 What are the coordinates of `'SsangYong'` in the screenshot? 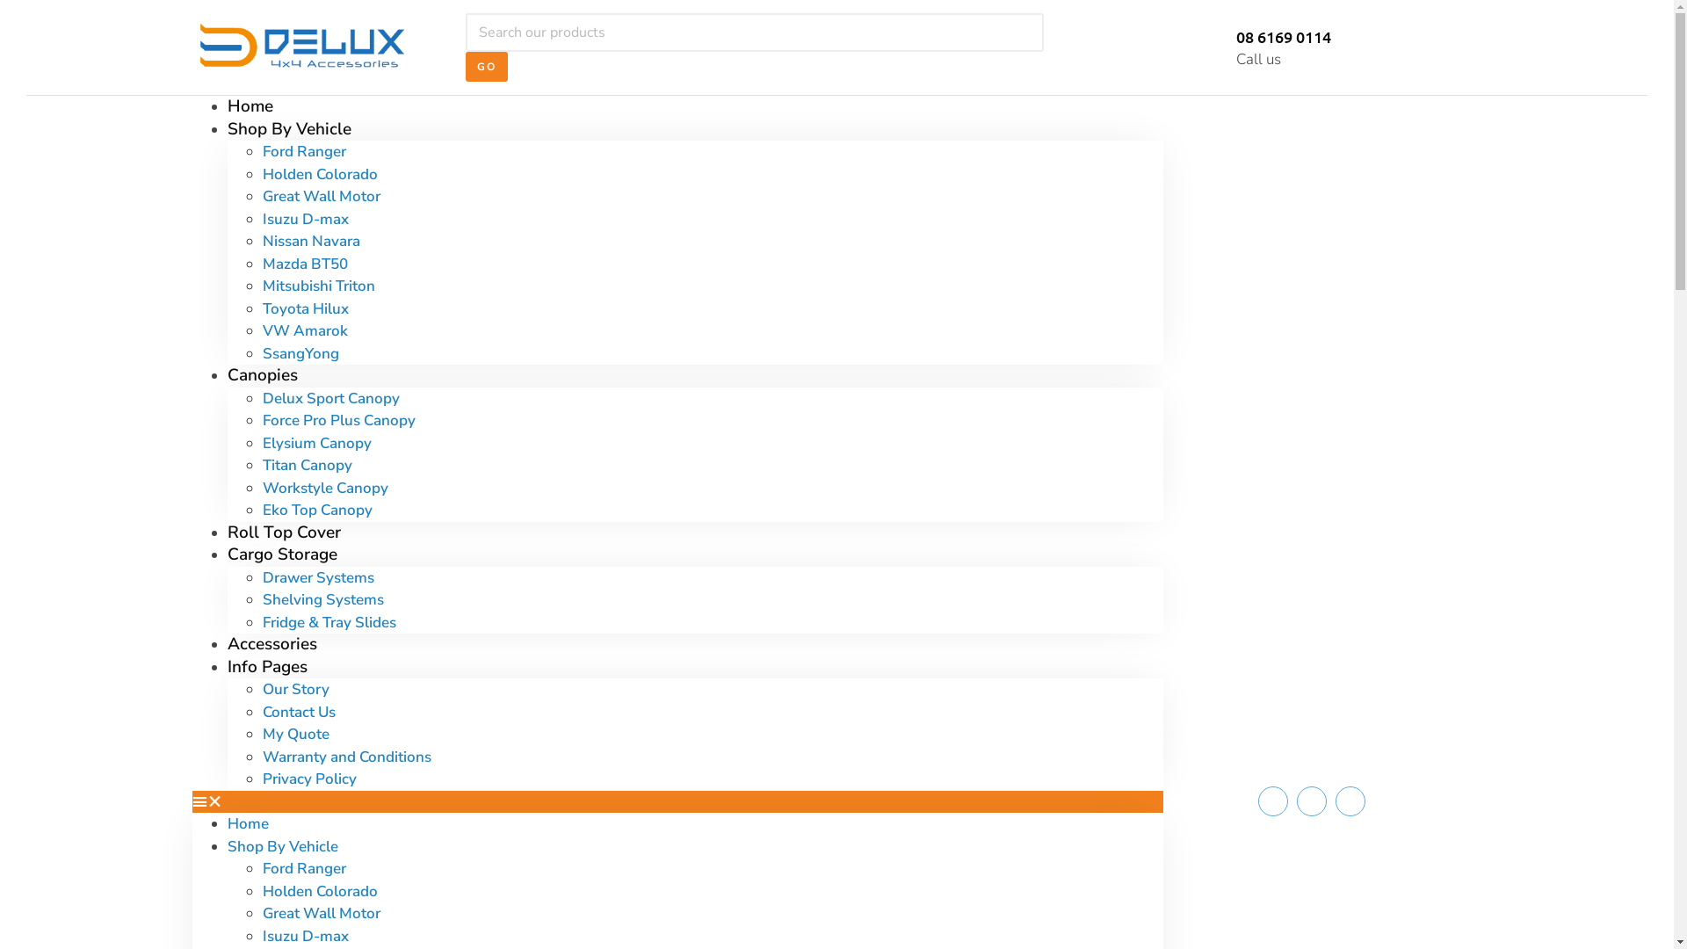 It's located at (300, 352).